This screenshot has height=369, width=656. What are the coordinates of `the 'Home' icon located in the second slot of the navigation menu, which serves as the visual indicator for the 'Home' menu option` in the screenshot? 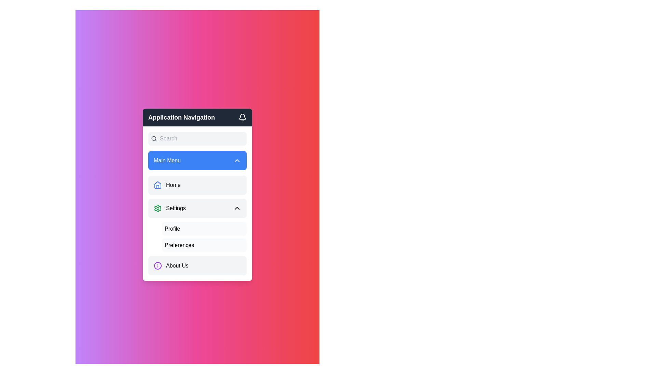 It's located at (157, 184).